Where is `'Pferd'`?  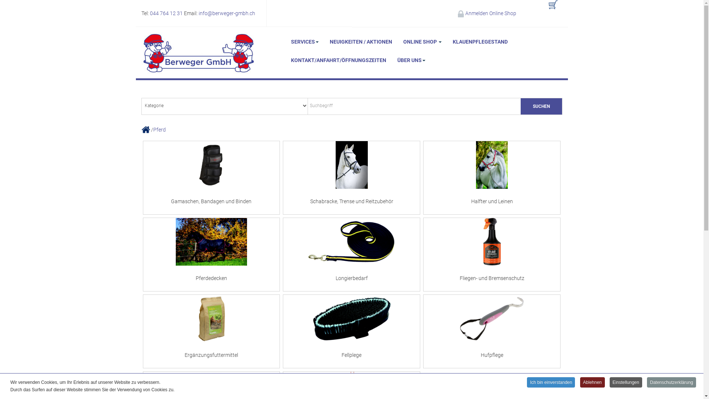 'Pferd' is located at coordinates (153, 129).